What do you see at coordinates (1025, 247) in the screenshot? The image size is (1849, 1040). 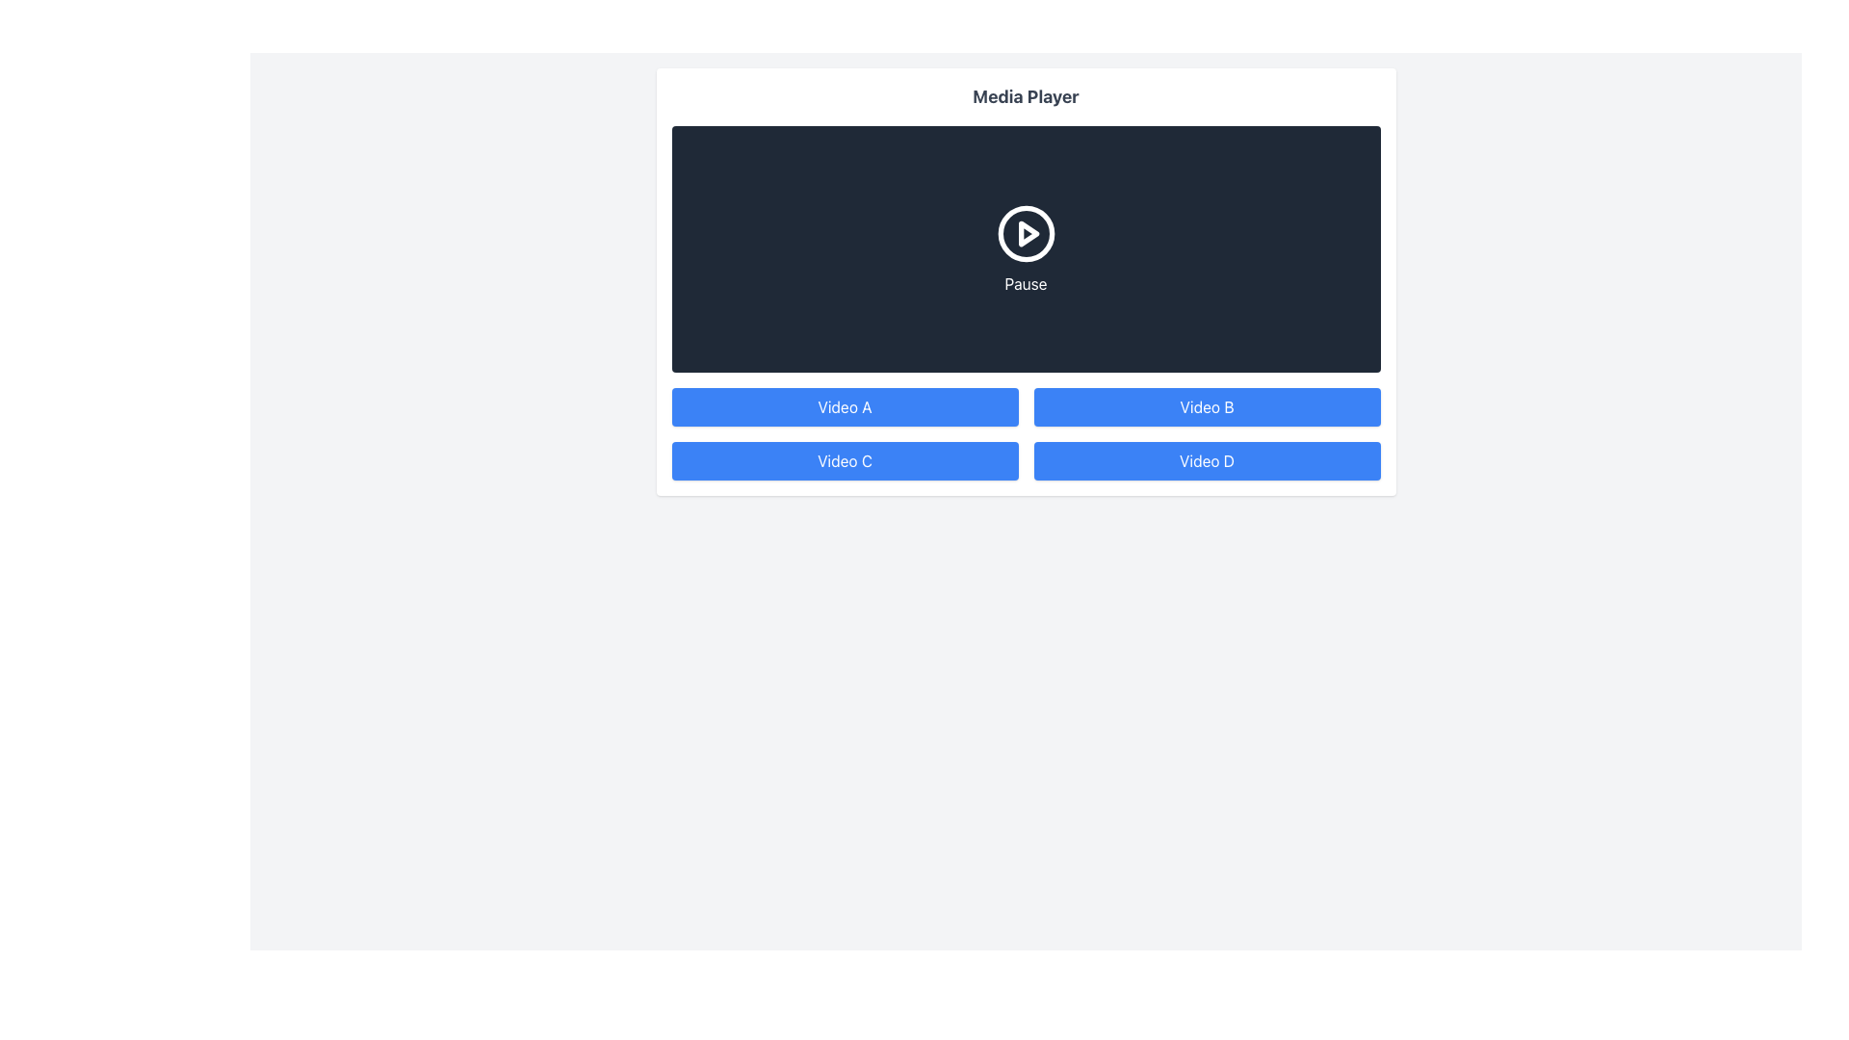 I see `the circular pause button with a white play symbol and the label 'Pause'` at bounding box center [1025, 247].